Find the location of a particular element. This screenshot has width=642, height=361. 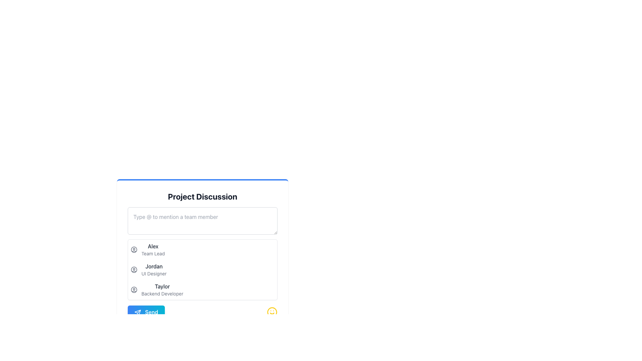

the text label indicating the role or position associated with the list entry labeled 'Jordan', which is the second line of text in the vertical list layout is located at coordinates (153, 273).